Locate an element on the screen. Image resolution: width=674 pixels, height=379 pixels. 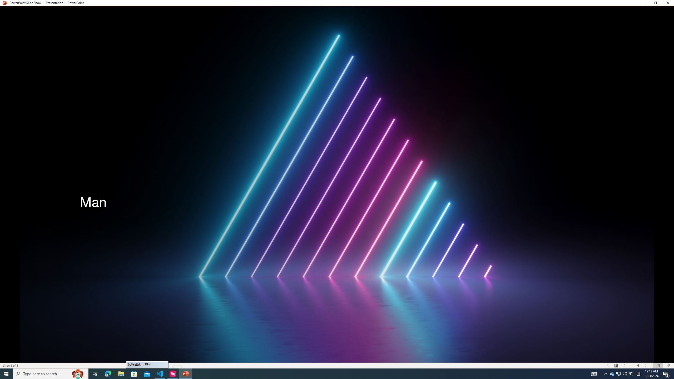
'Slide Show Next On' is located at coordinates (625, 366).